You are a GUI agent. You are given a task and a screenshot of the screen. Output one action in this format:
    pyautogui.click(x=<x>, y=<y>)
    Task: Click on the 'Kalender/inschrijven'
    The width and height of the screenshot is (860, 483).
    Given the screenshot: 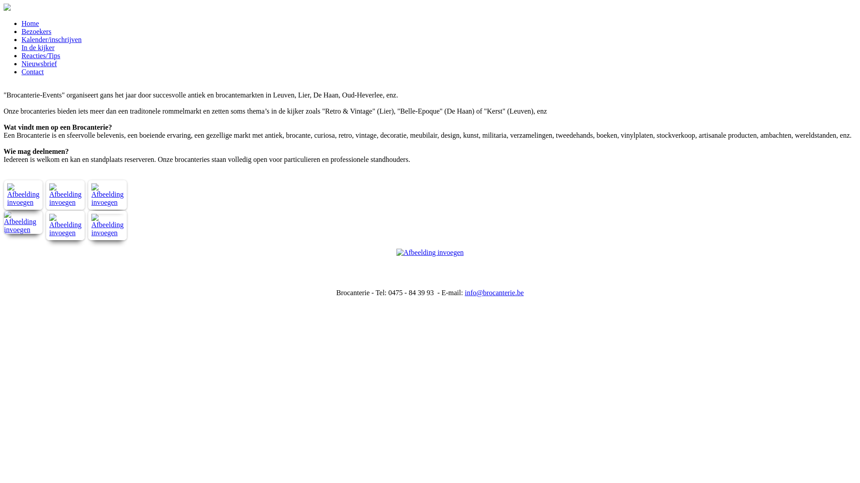 What is the action you would take?
    pyautogui.click(x=51, y=39)
    